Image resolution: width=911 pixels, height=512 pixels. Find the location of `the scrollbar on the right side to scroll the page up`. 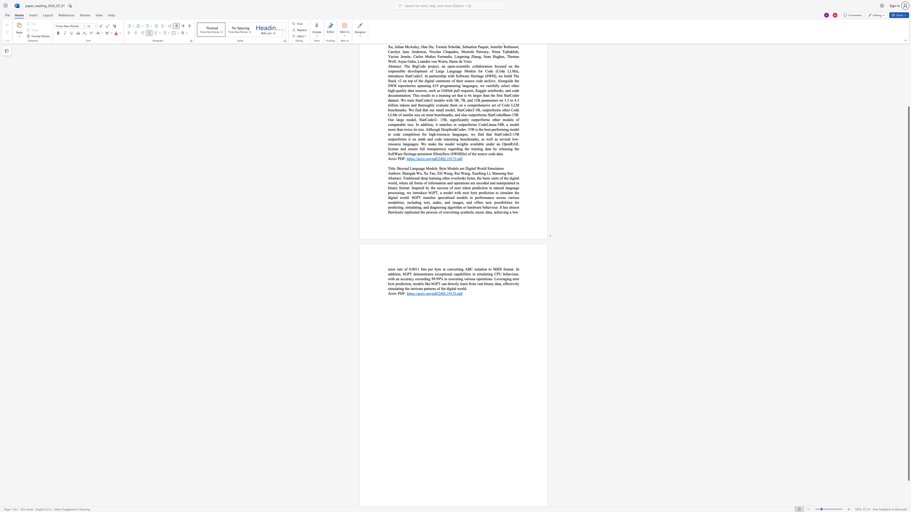

the scrollbar on the right side to scroll the page up is located at coordinates (908, 57).